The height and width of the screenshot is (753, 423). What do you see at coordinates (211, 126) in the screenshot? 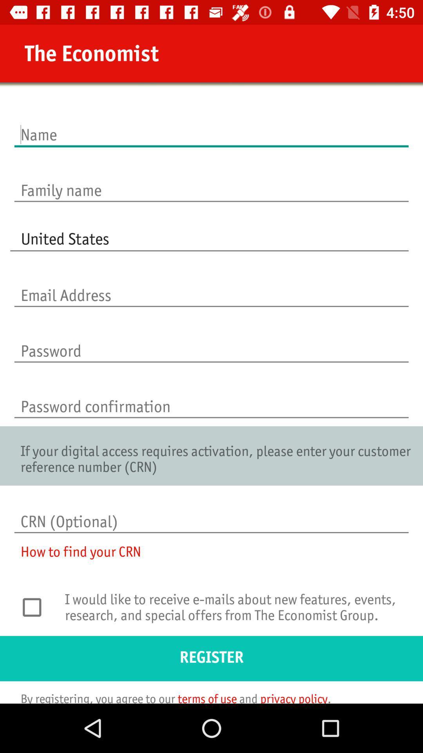
I see `the name` at bounding box center [211, 126].